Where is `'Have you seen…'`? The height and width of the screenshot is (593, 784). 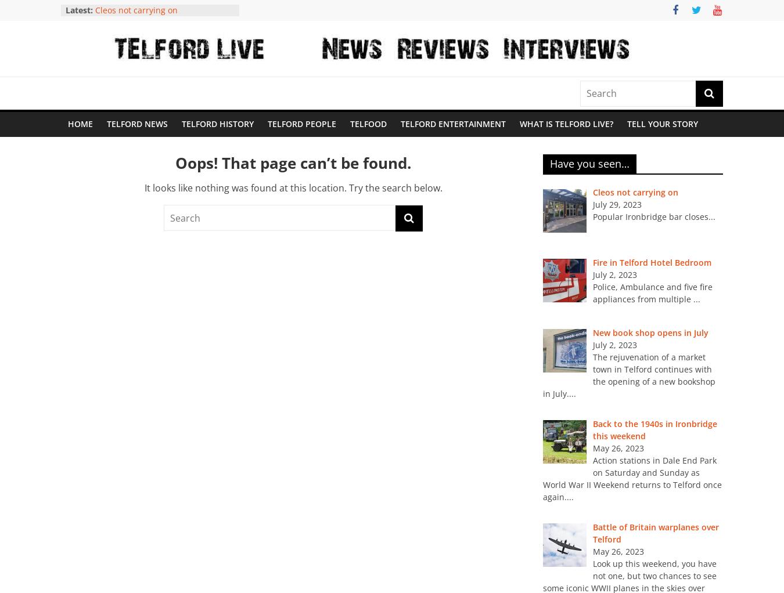 'Have you seen…' is located at coordinates (589, 163).